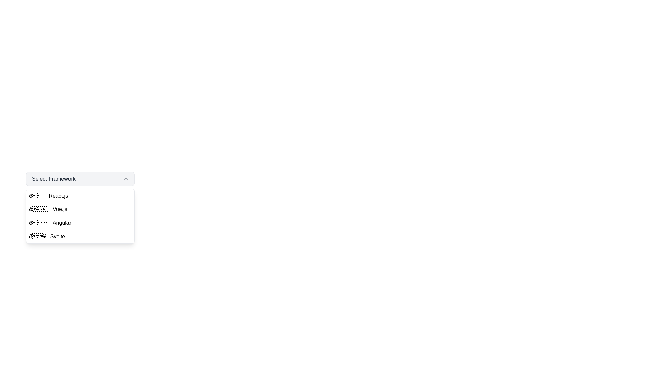 The width and height of the screenshot is (651, 366). I want to click on the book icon located within the 'Angular' menu item, positioned to the left of the text 'Angular', so click(38, 223).